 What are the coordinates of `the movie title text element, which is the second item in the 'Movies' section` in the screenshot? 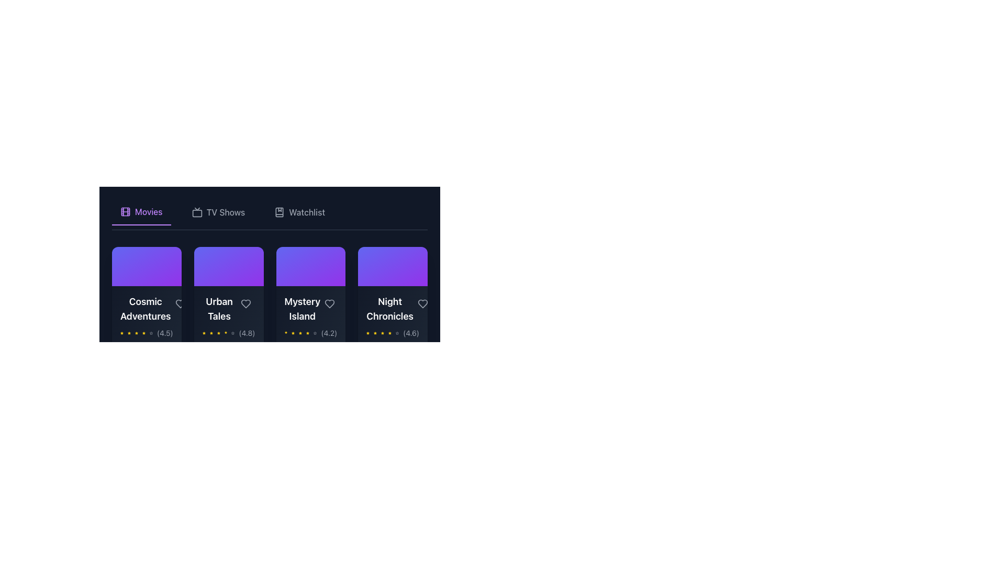 It's located at (228, 308).